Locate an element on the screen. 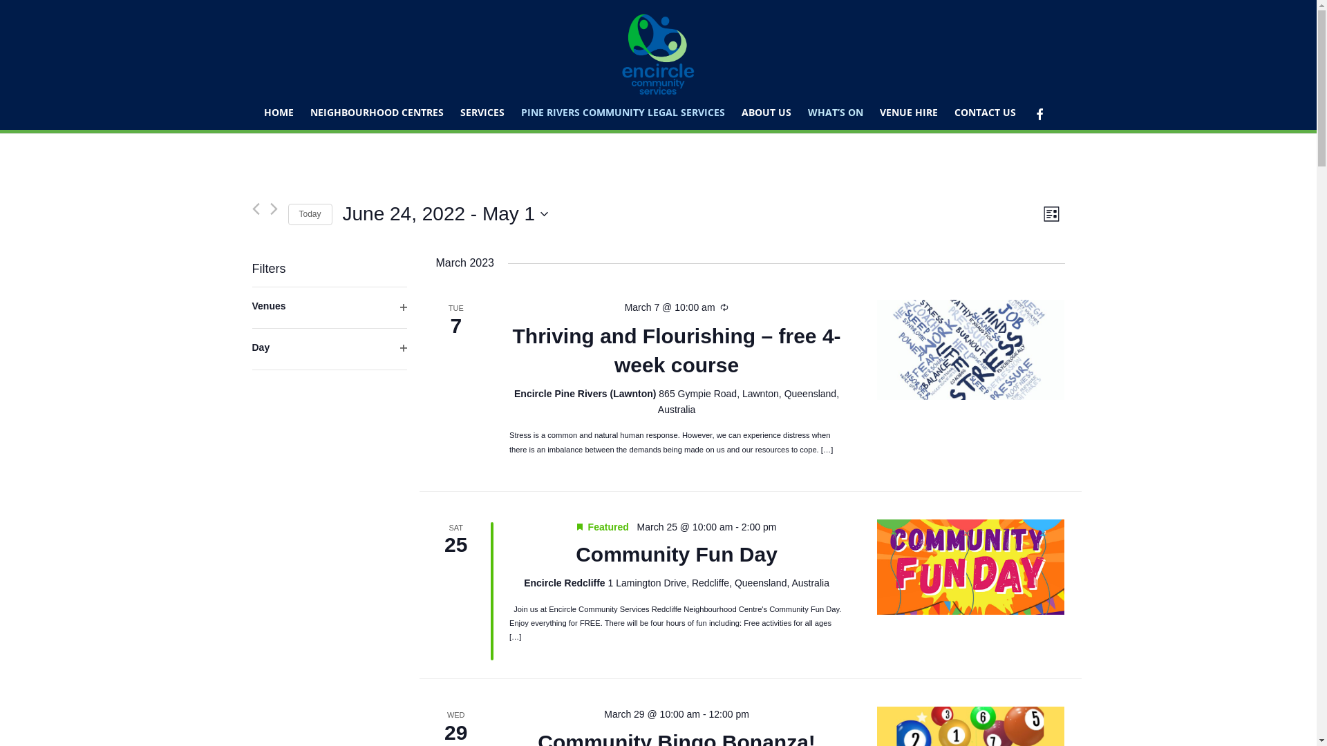 Image resolution: width=1327 pixels, height=746 pixels. 'VENUE HIRE' is located at coordinates (908, 111).